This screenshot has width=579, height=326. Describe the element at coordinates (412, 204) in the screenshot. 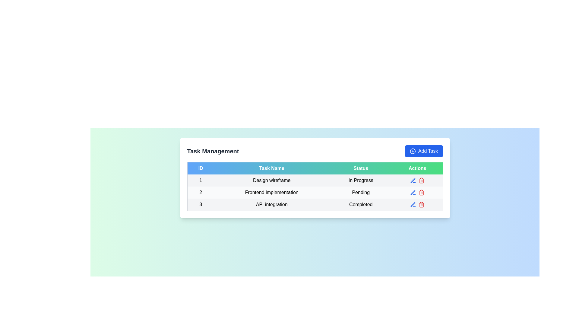

I see `the blue pen icon in the Actions column of the third row of the task table to initiate editing of the task details` at that location.